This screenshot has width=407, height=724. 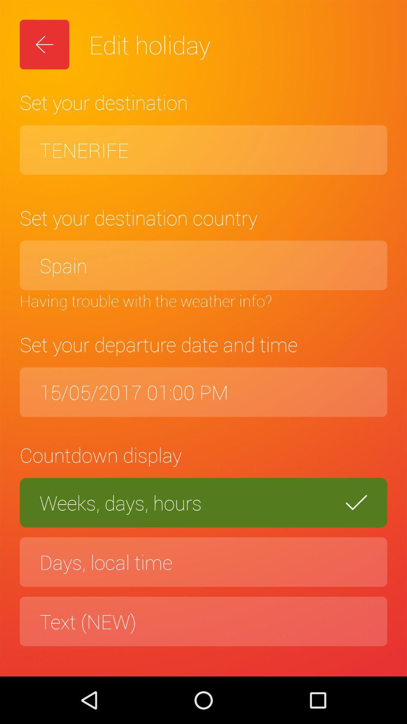 I want to click on icon below spain icon, so click(x=203, y=300).